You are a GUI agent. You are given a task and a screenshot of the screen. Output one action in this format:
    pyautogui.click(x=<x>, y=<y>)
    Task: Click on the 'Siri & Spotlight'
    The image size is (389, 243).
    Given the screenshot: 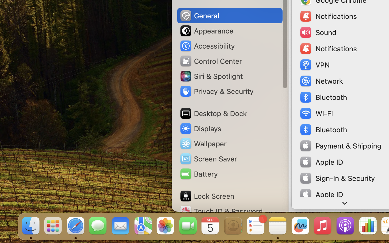 What is the action you would take?
    pyautogui.click(x=211, y=76)
    